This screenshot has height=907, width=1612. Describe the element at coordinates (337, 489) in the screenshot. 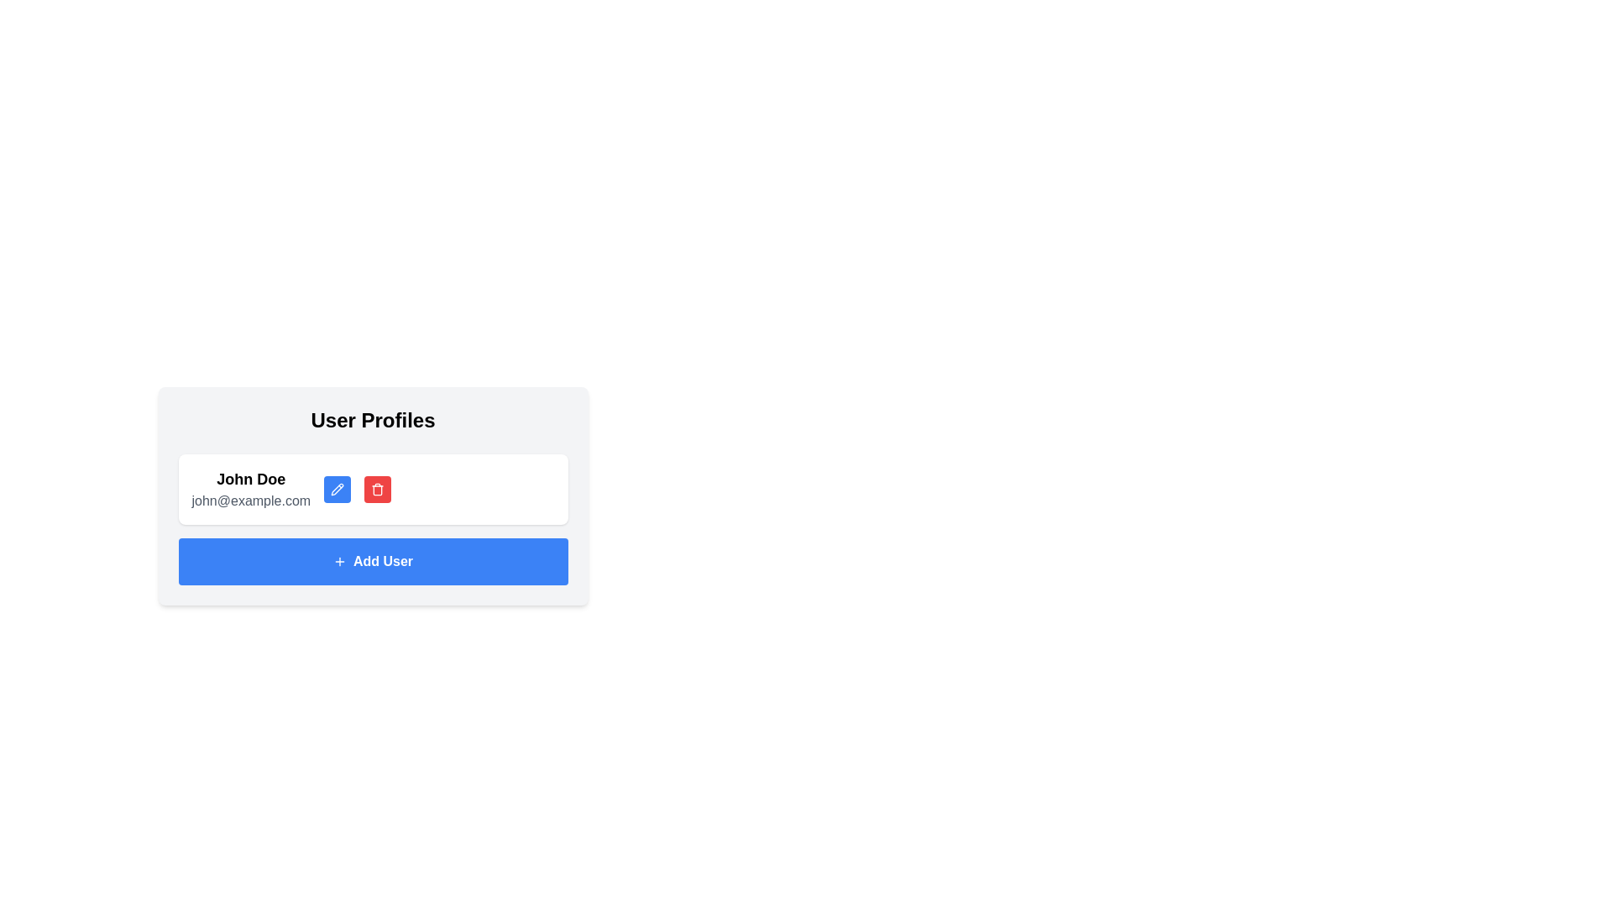

I see `the edit button located to the immediate right of 'John Doe'` at that location.